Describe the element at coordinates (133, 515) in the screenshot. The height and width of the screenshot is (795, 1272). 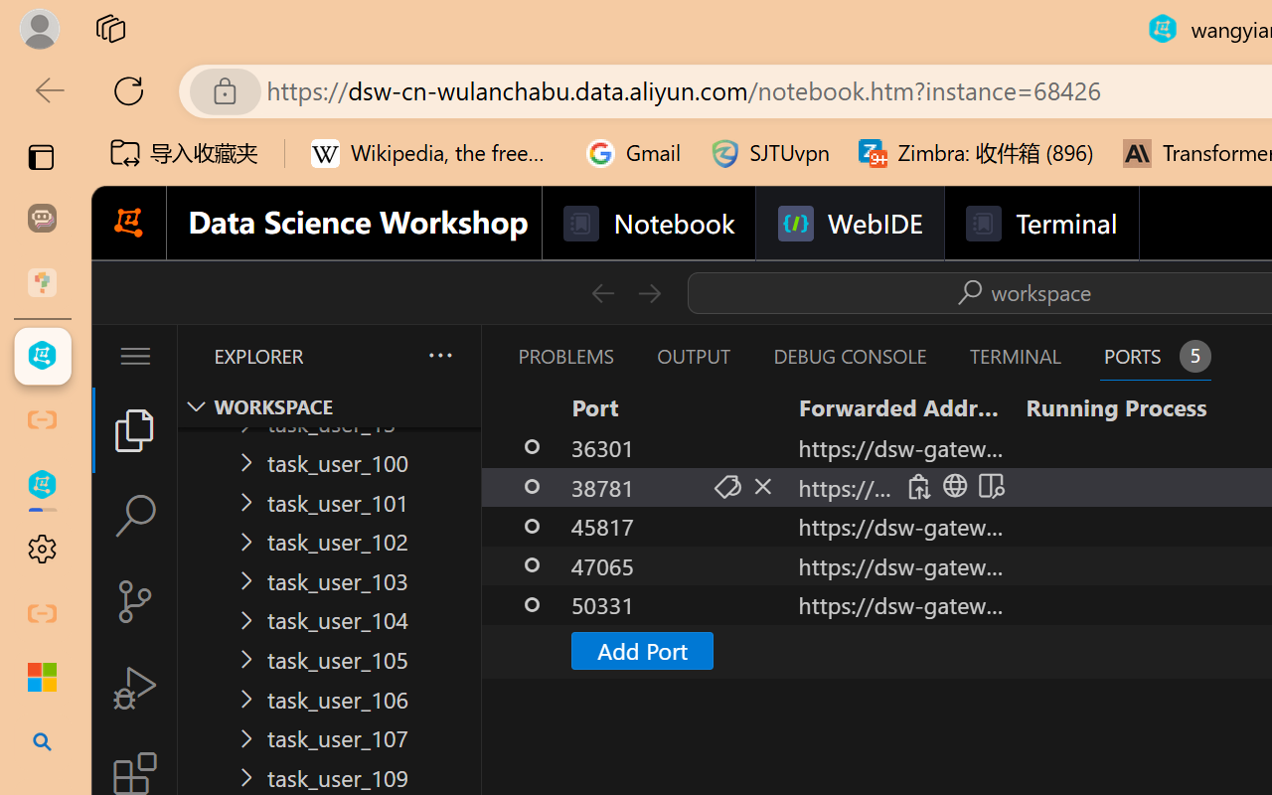
I see `'Search (Ctrl+Shift+F)'` at that location.